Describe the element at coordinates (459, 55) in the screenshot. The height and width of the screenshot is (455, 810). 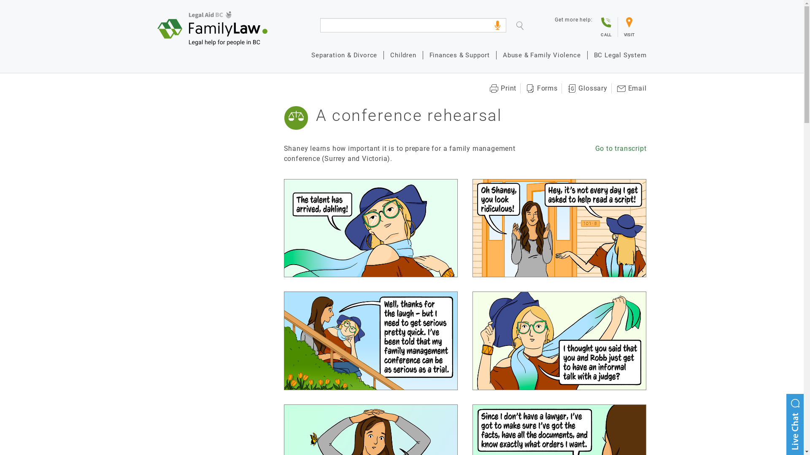
I see `'Finances & Support'` at that location.